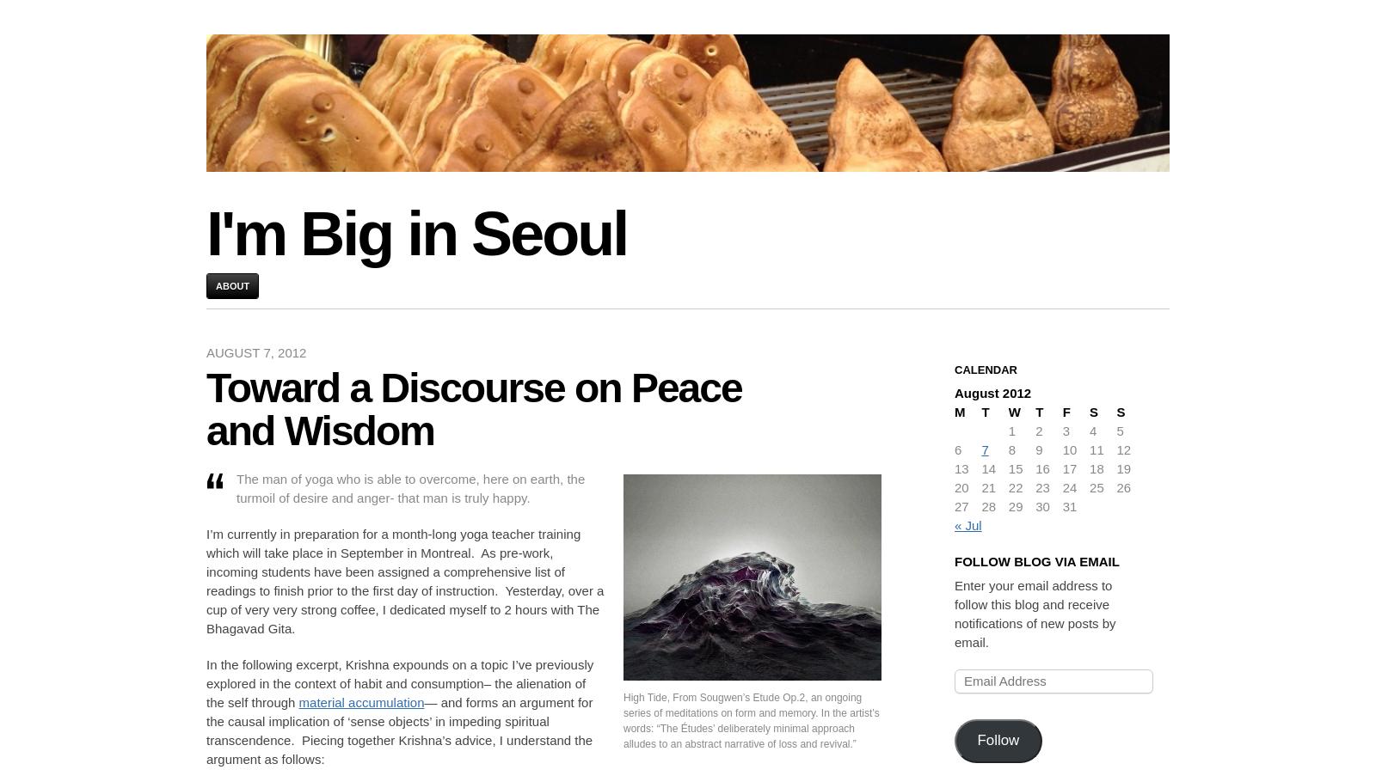 The image size is (1376, 782). Describe the element at coordinates (255, 351) in the screenshot. I see `'August 7, 2012'` at that location.